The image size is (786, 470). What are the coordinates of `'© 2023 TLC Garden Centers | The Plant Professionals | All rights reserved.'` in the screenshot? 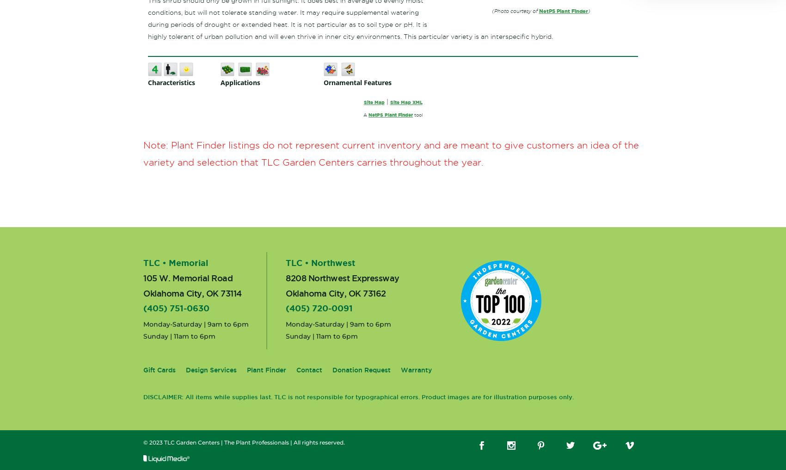 It's located at (143, 442).